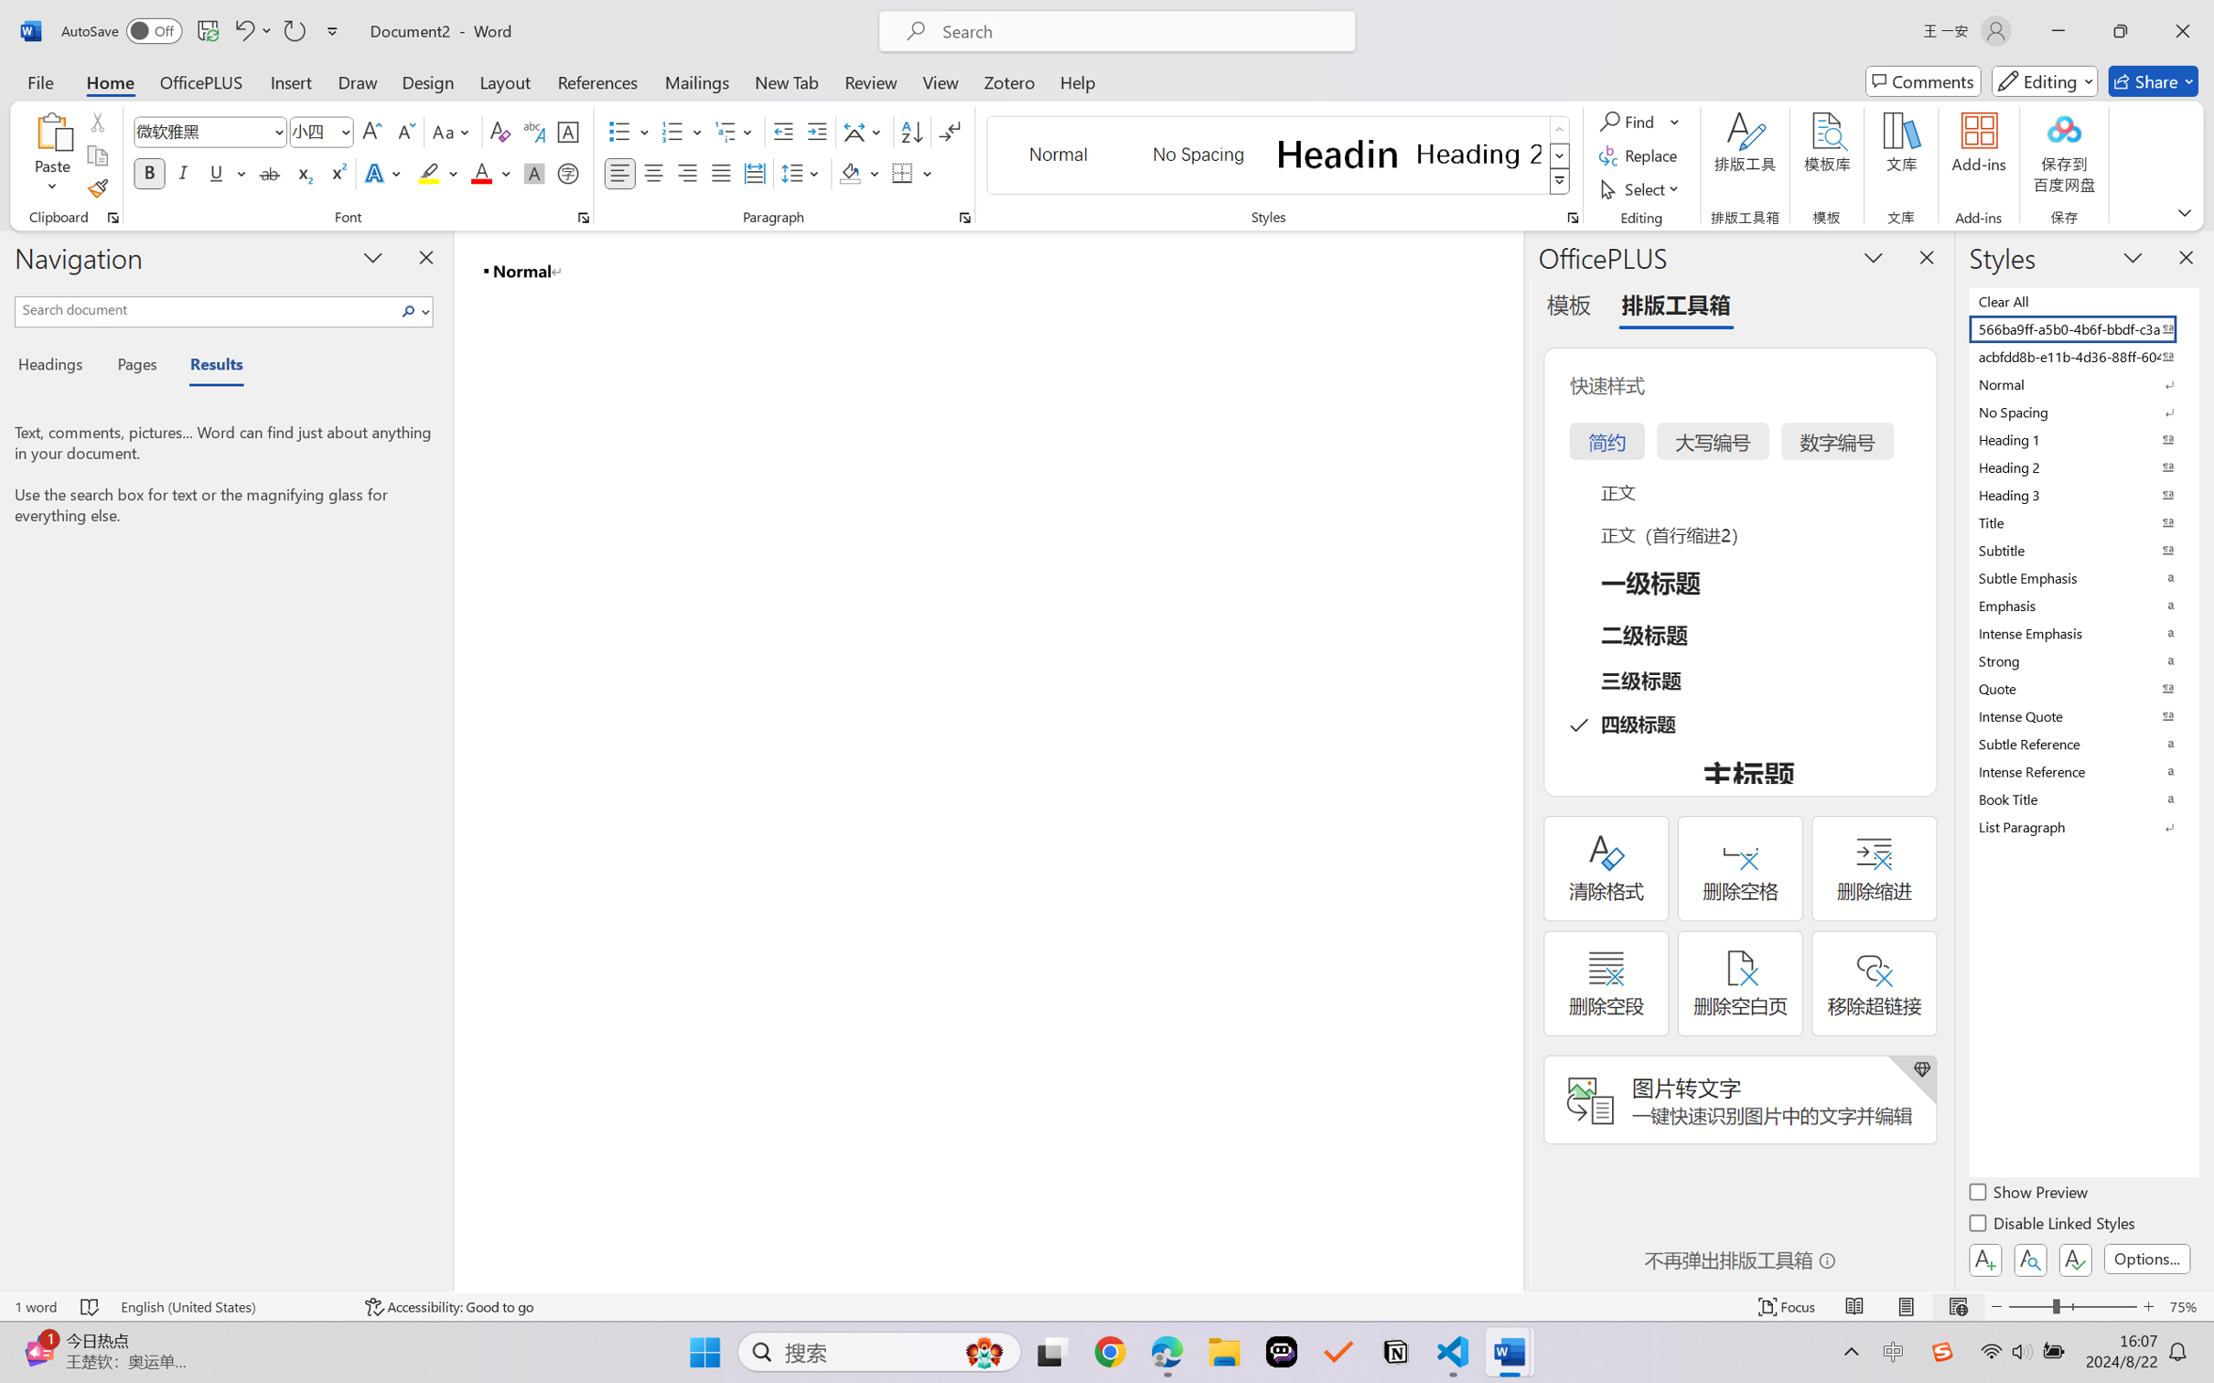  Describe the element at coordinates (2081, 744) in the screenshot. I see `'Subtle Reference'` at that location.